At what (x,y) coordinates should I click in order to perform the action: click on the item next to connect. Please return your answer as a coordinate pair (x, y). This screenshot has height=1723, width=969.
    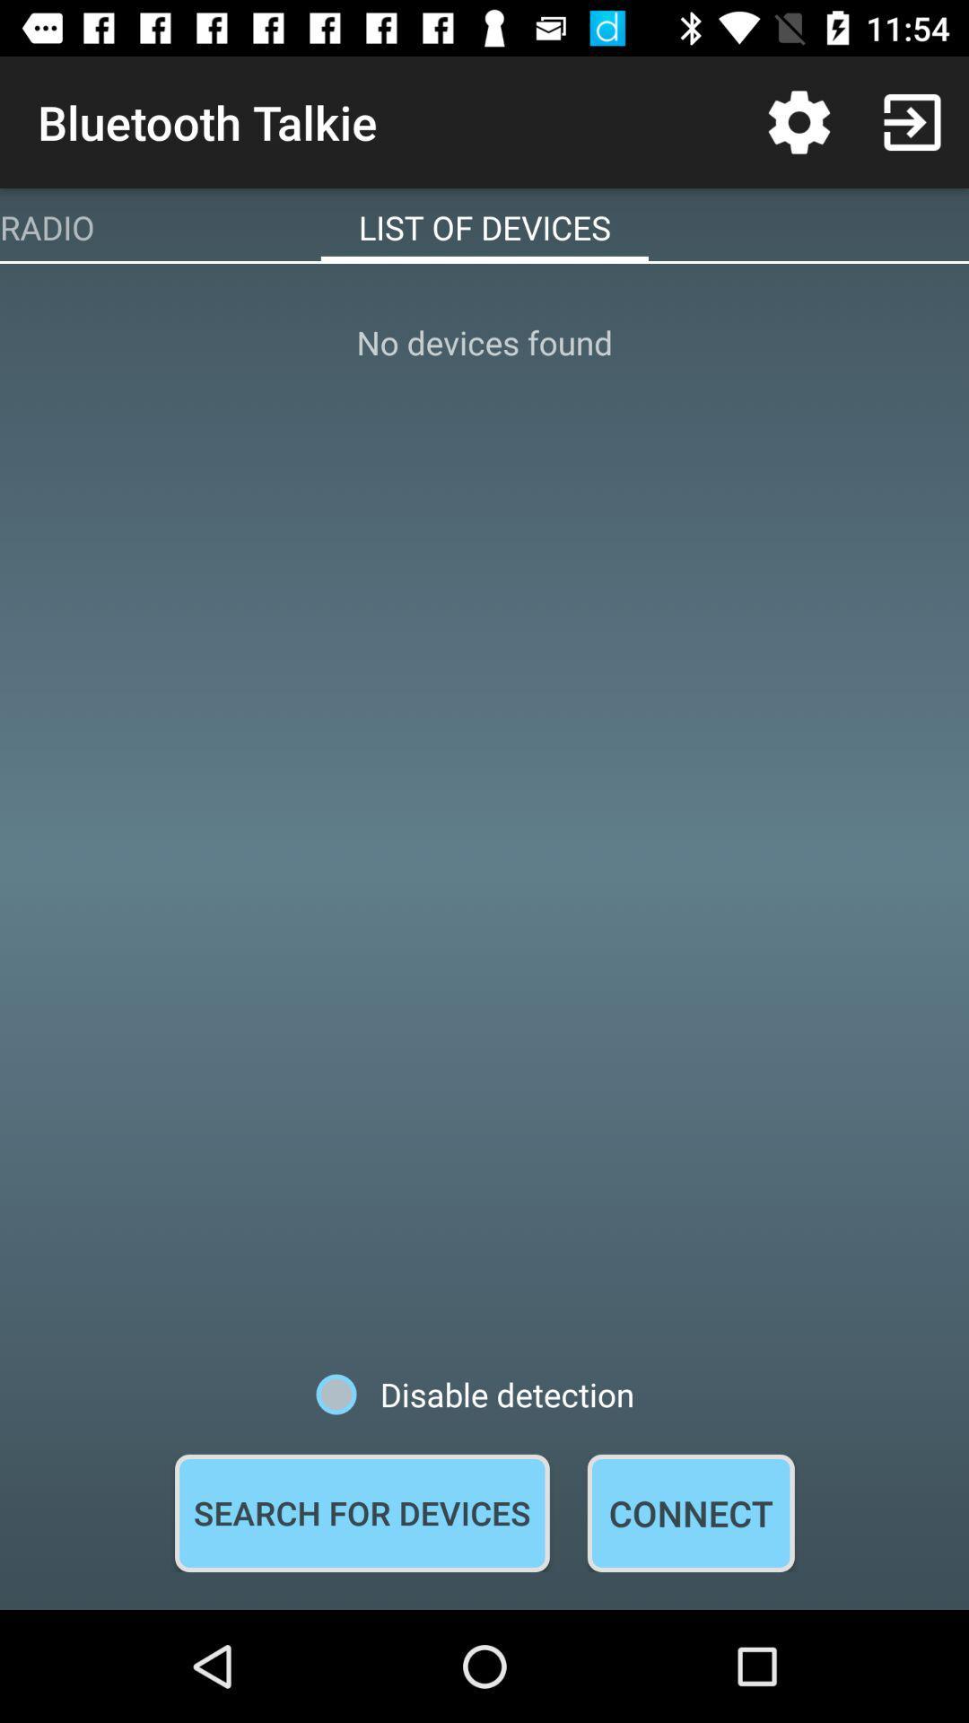
    Looking at the image, I should click on (362, 1512).